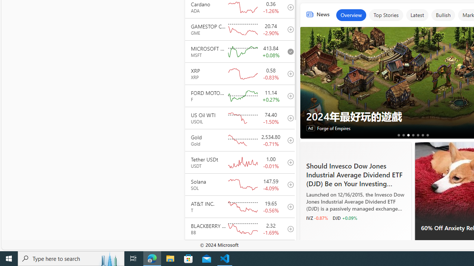  What do you see at coordinates (351, 15) in the screenshot?
I see `'Overview'` at bounding box center [351, 15].